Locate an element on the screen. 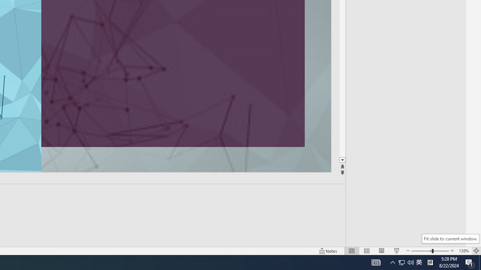 This screenshot has width=481, height=270. 'Zoom 138%' is located at coordinates (463, 251).